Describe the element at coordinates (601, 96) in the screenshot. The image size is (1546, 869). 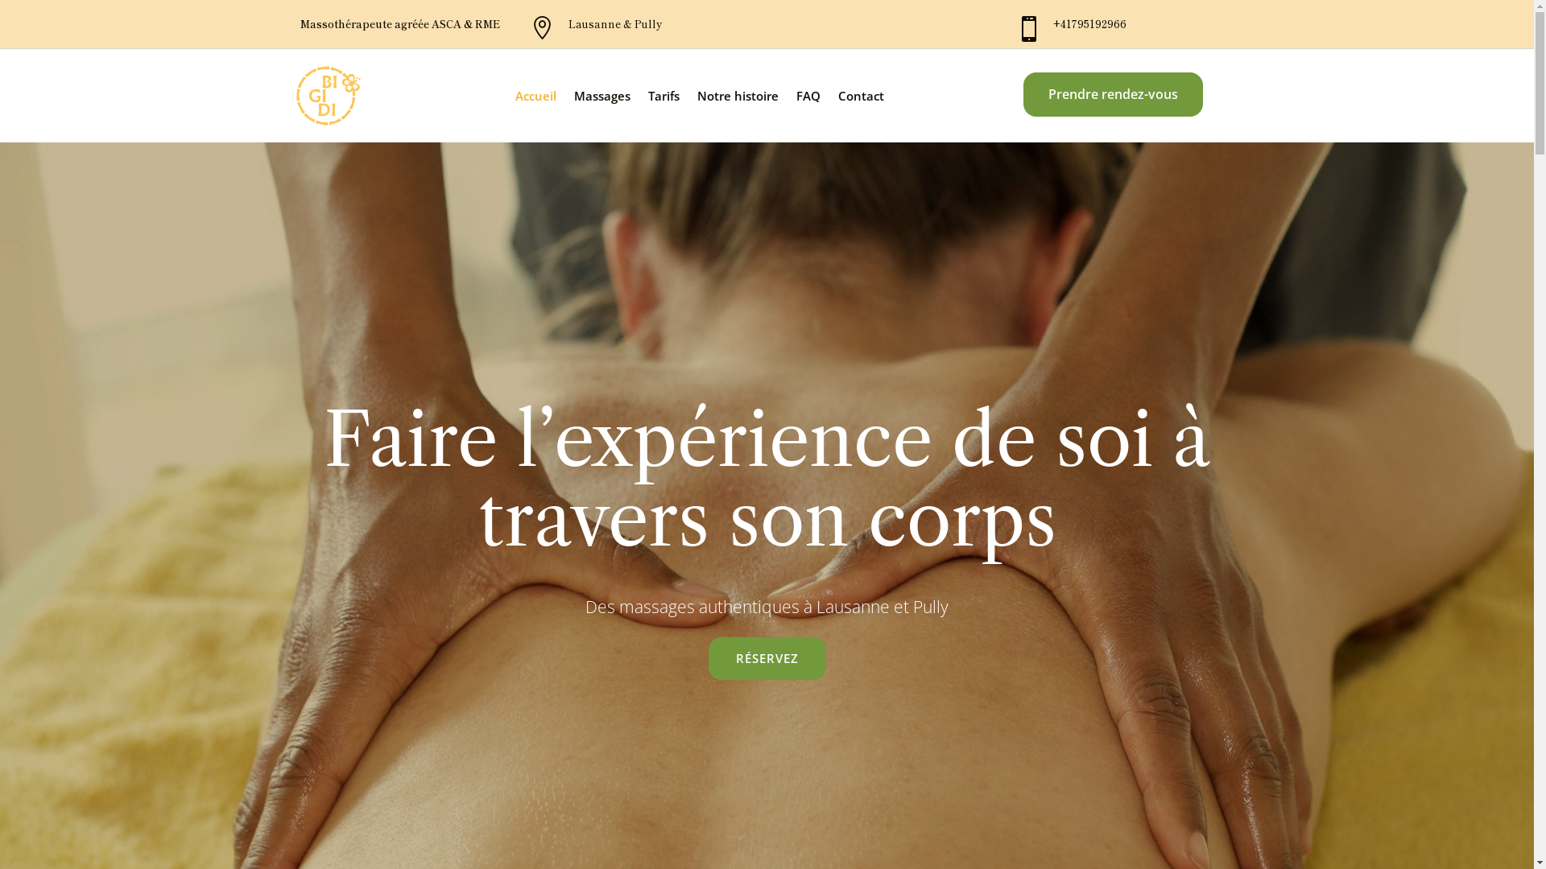
I see `'Massages'` at that location.